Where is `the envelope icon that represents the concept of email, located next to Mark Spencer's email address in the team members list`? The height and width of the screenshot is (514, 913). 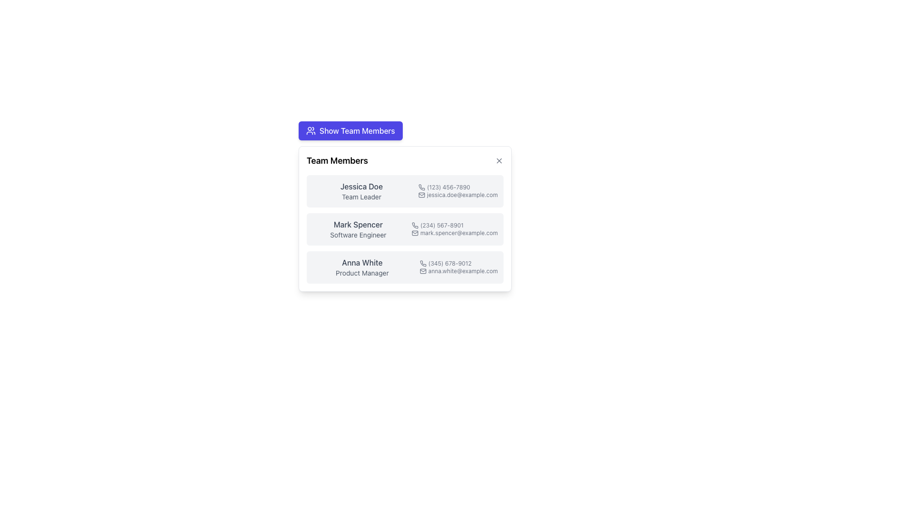
the envelope icon that represents the concept of email, located next to Mark Spencer's email address in the team members list is located at coordinates (415, 233).